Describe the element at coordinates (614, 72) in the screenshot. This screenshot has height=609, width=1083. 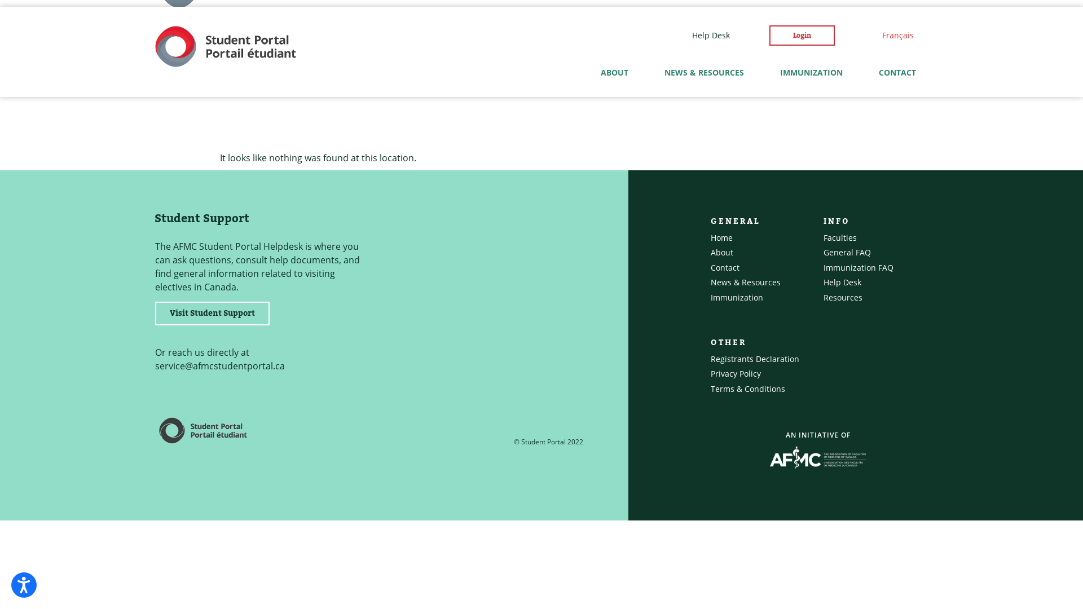
I see `'ABOUT'` at that location.